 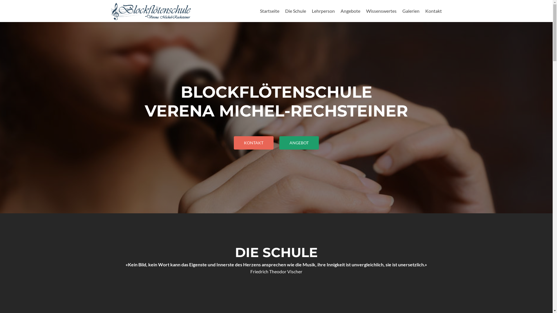 I want to click on 'Galerien', so click(x=410, y=11).